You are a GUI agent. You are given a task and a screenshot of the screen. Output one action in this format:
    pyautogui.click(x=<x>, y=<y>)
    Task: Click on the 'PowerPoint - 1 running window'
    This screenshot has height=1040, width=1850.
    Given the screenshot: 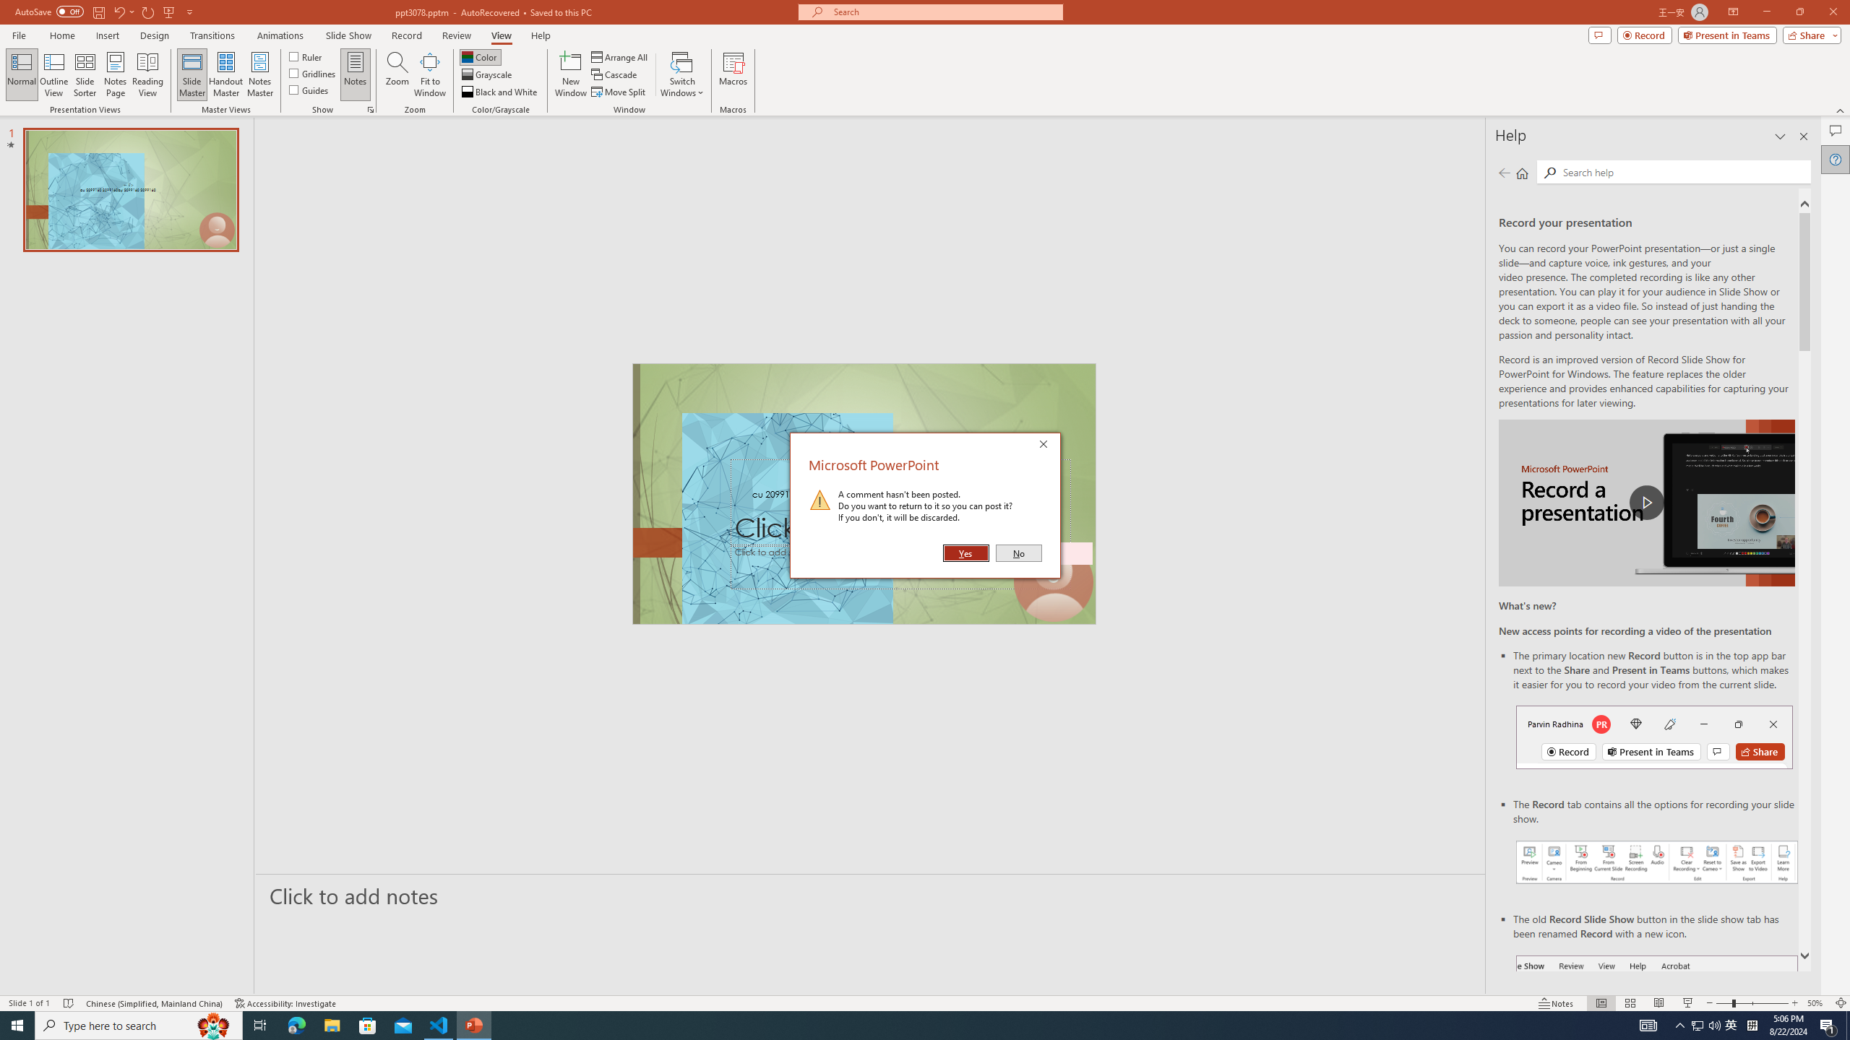 What is the action you would take?
    pyautogui.click(x=474, y=1024)
    